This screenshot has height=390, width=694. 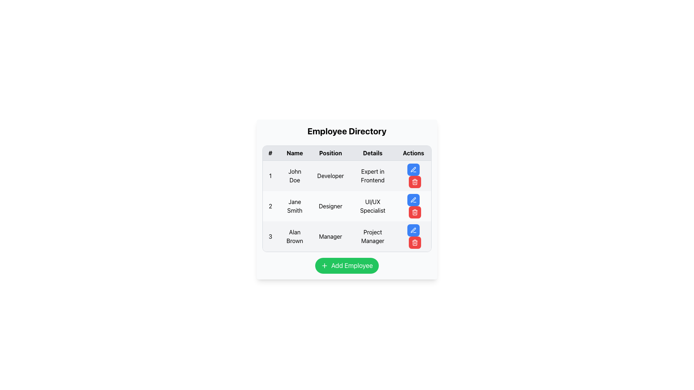 What do you see at coordinates (414, 200) in the screenshot?
I see `the edit/update button in the 'Actions' cell of the second row for 'Jane Smith'` at bounding box center [414, 200].